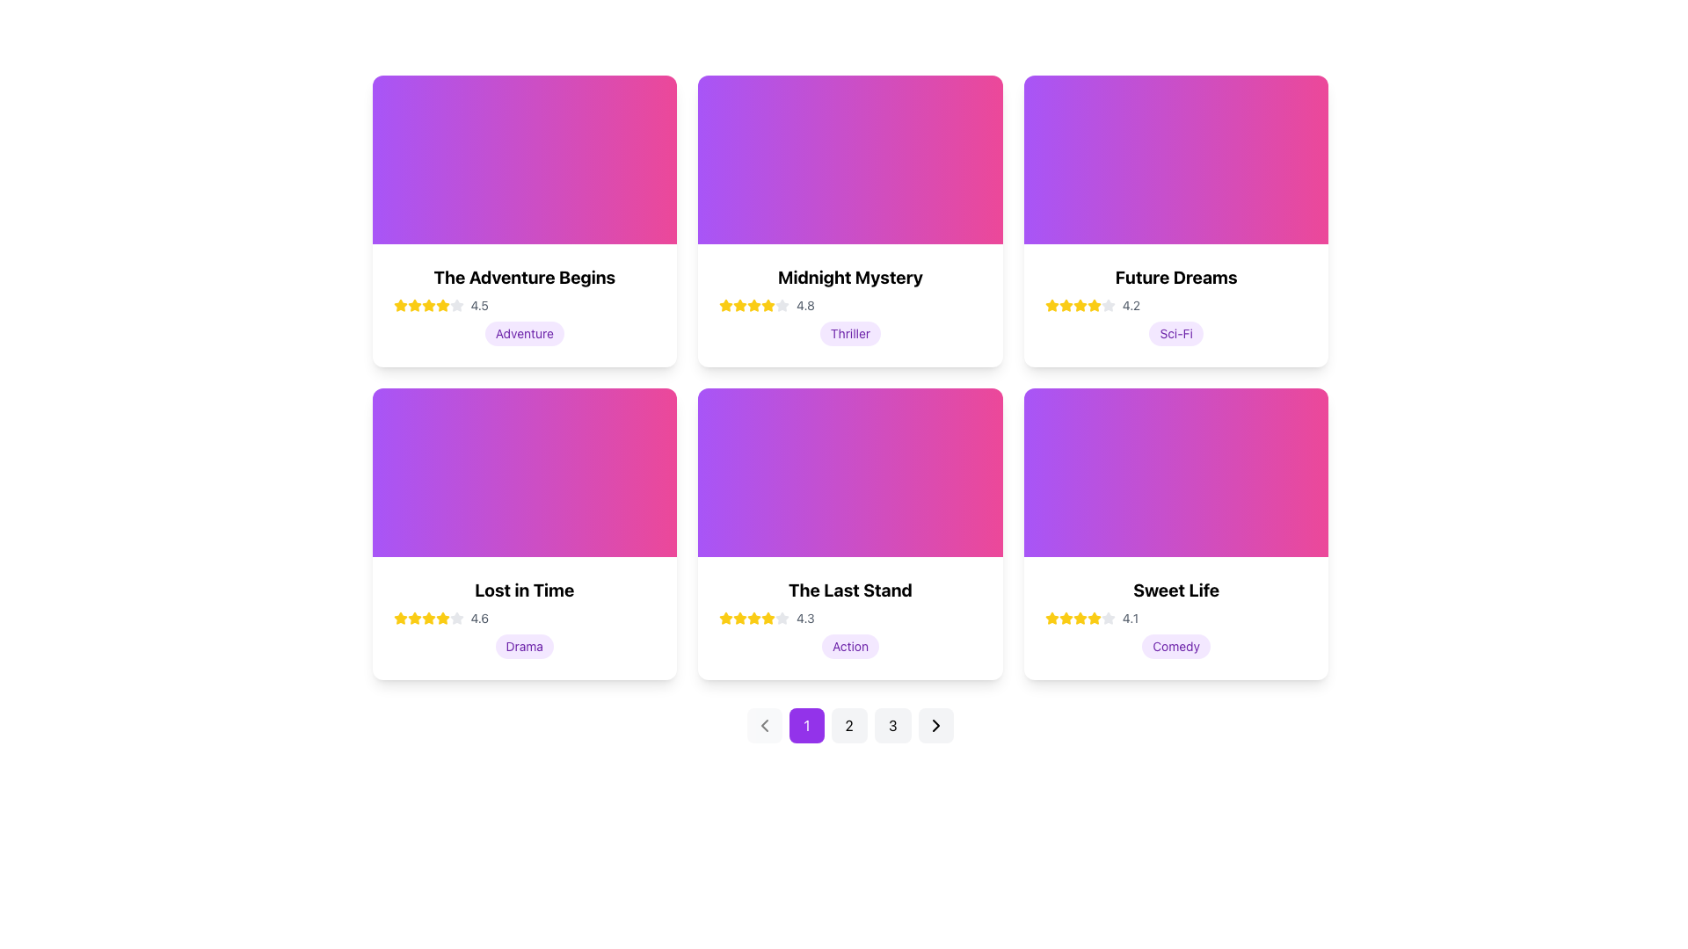 Image resolution: width=1688 pixels, height=949 pixels. Describe the element at coordinates (399, 617) in the screenshot. I see `the fourth star in the rating row for the card 'Lost in Time'` at that location.